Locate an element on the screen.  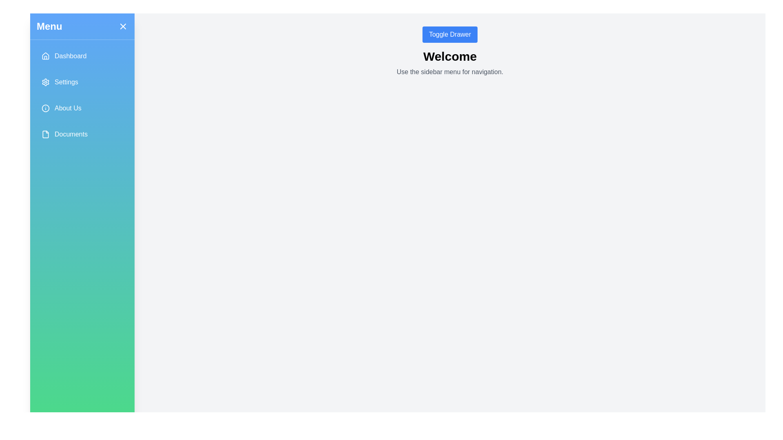
the close button (X icon) in the drawer header to close the drawer is located at coordinates (123, 26).